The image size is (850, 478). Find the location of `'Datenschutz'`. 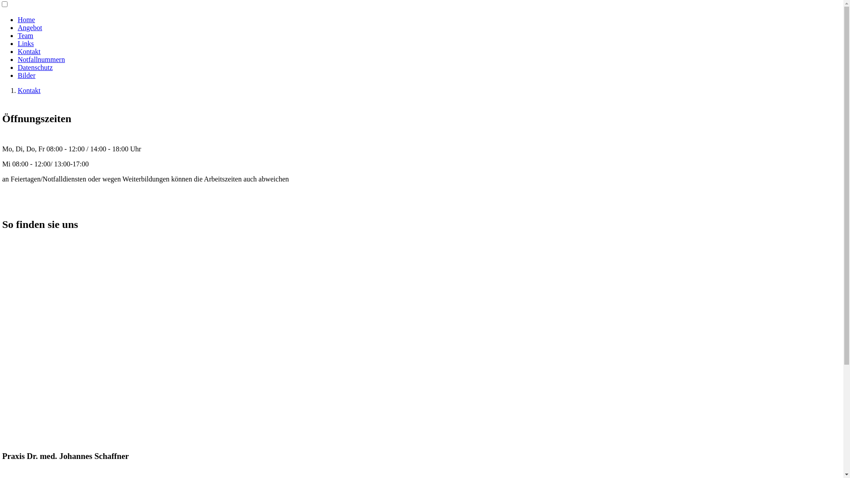

'Datenschutz' is located at coordinates (35, 67).